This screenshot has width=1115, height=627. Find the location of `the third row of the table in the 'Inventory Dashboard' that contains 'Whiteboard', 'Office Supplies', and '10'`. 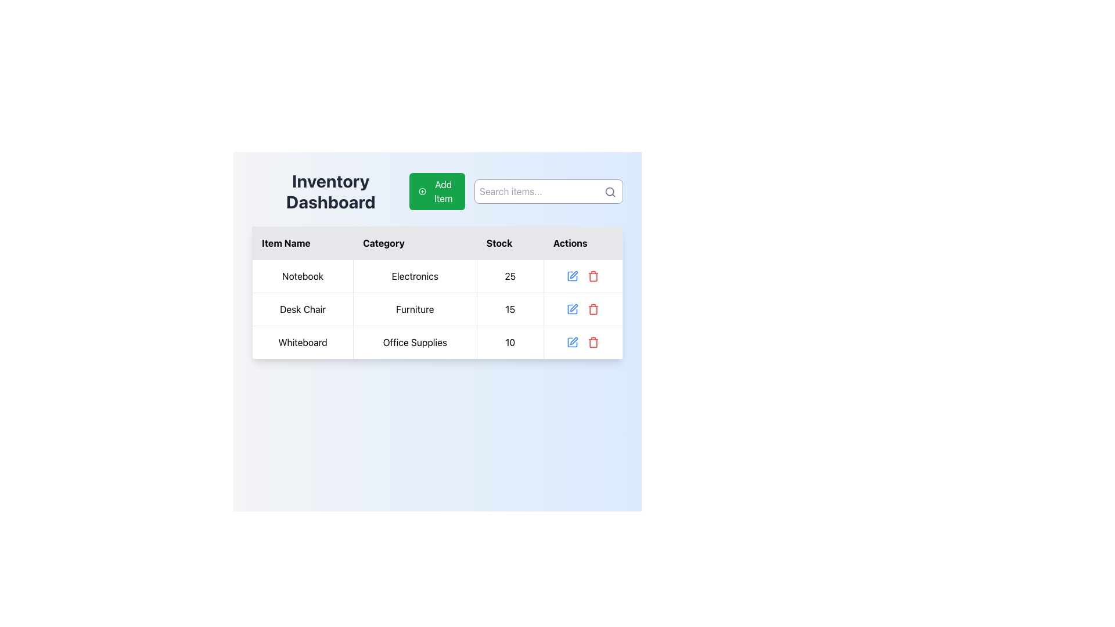

the third row of the table in the 'Inventory Dashboard' that contains 'Whiteboard', 'Office Supplies', and '10' is located at coordinates (437, 342).